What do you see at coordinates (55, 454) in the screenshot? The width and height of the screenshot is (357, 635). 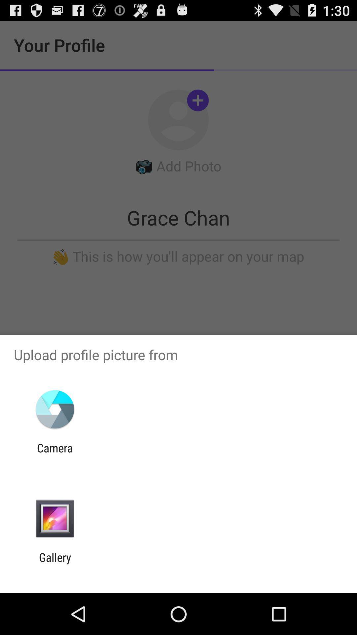 I see `camera` at bounding box center [55, 454].